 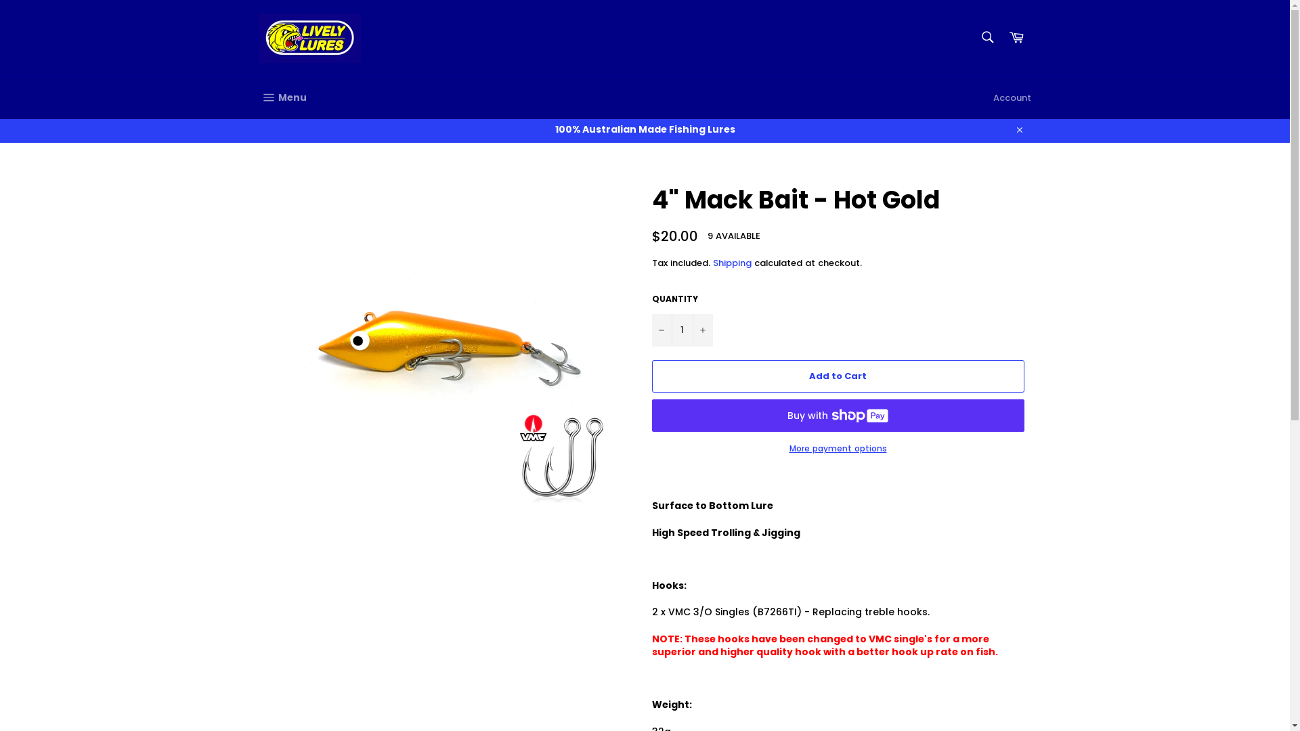 What do you see at coordinates (692, 330) in the screenshot?
I see `'+'` at bounding box center [692, 330].